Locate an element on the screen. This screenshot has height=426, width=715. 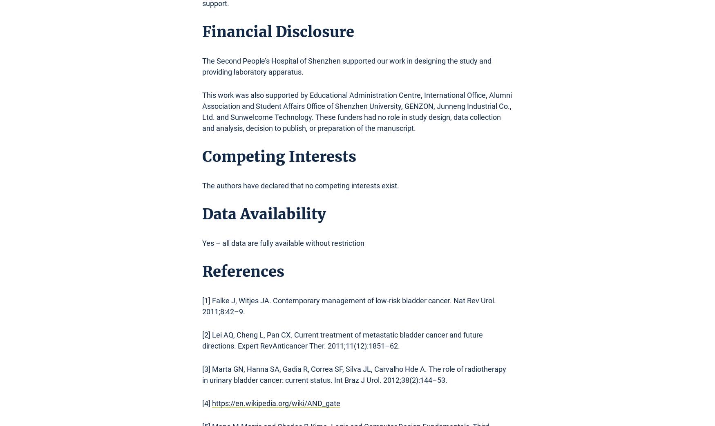
'Data Availabili' is located at coordinates (256, 214).